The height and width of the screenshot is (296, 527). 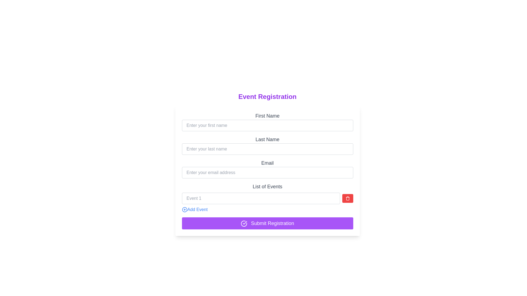 I want to click on the 'First Name' label in the 'Event Registration' form, which is styled in bold and gray color and positioned above the first name input field, so click(x=267, y=116).